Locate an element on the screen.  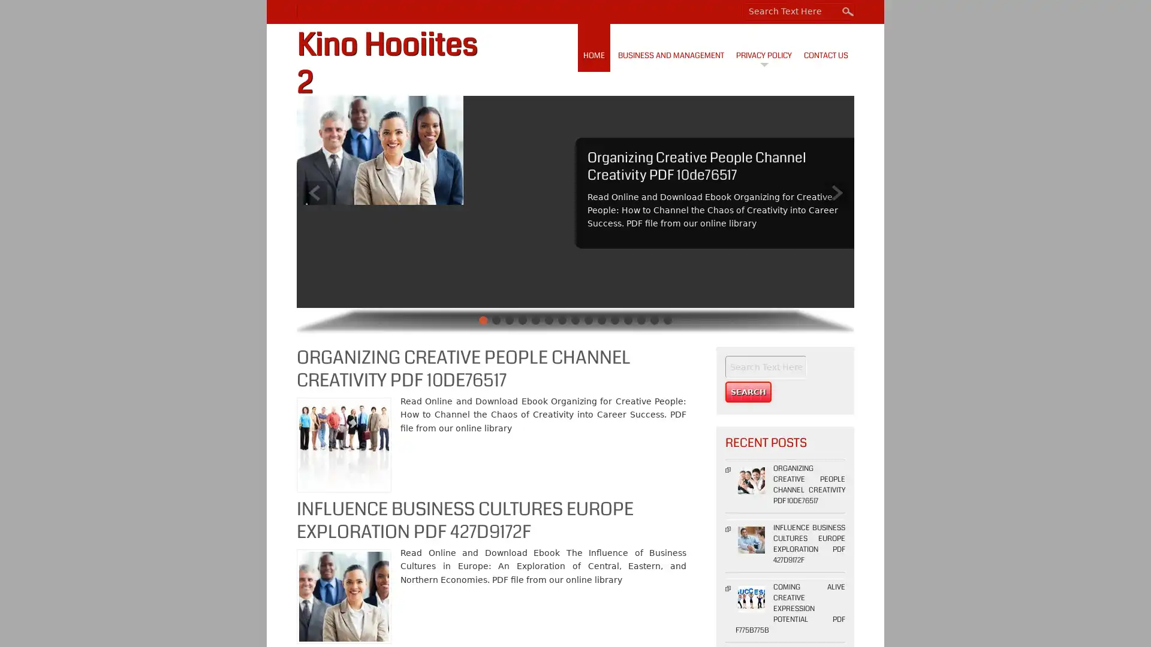
Search is located at coordinates (748, 392).